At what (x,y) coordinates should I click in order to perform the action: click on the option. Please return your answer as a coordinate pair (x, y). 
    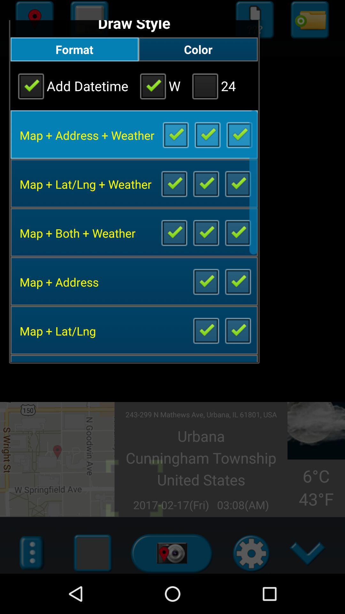
    Looking at the image, I should click on (175, 134).